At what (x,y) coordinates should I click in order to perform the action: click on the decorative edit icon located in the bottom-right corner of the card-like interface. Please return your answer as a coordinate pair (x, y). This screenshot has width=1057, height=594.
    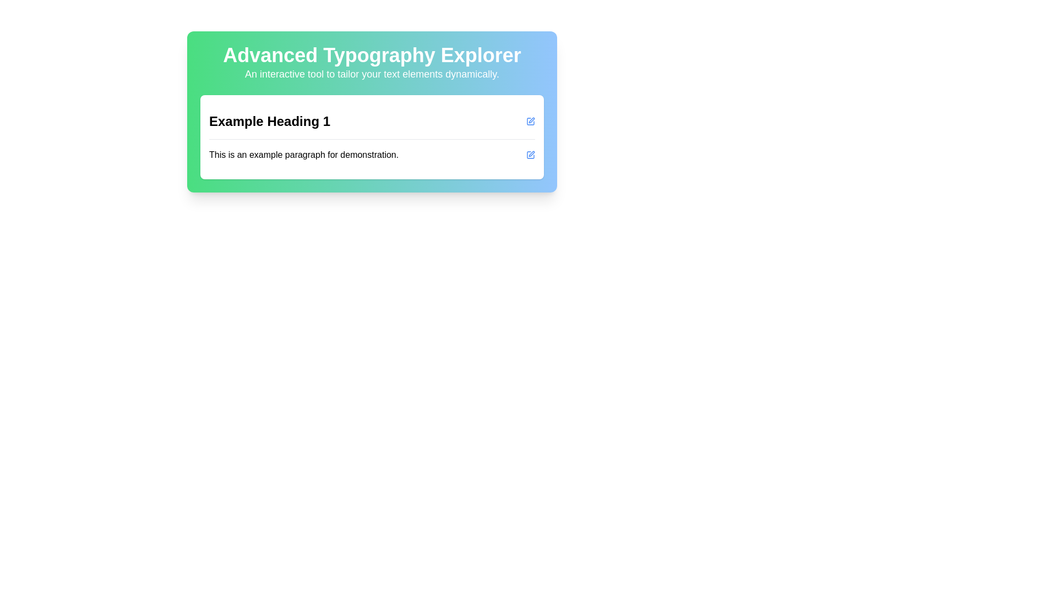
    Looking at the image, I should click on (531, 154).